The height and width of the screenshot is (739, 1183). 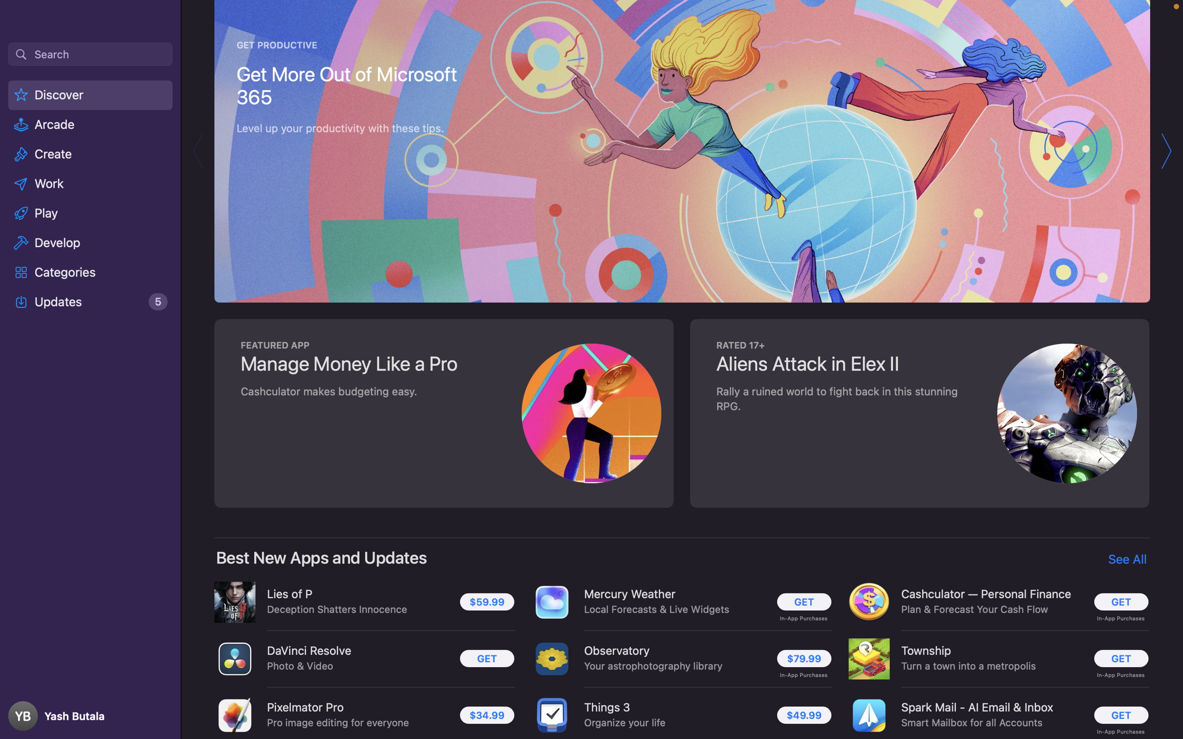 I want to click on the "Create" category, so click(x=90, y=155).